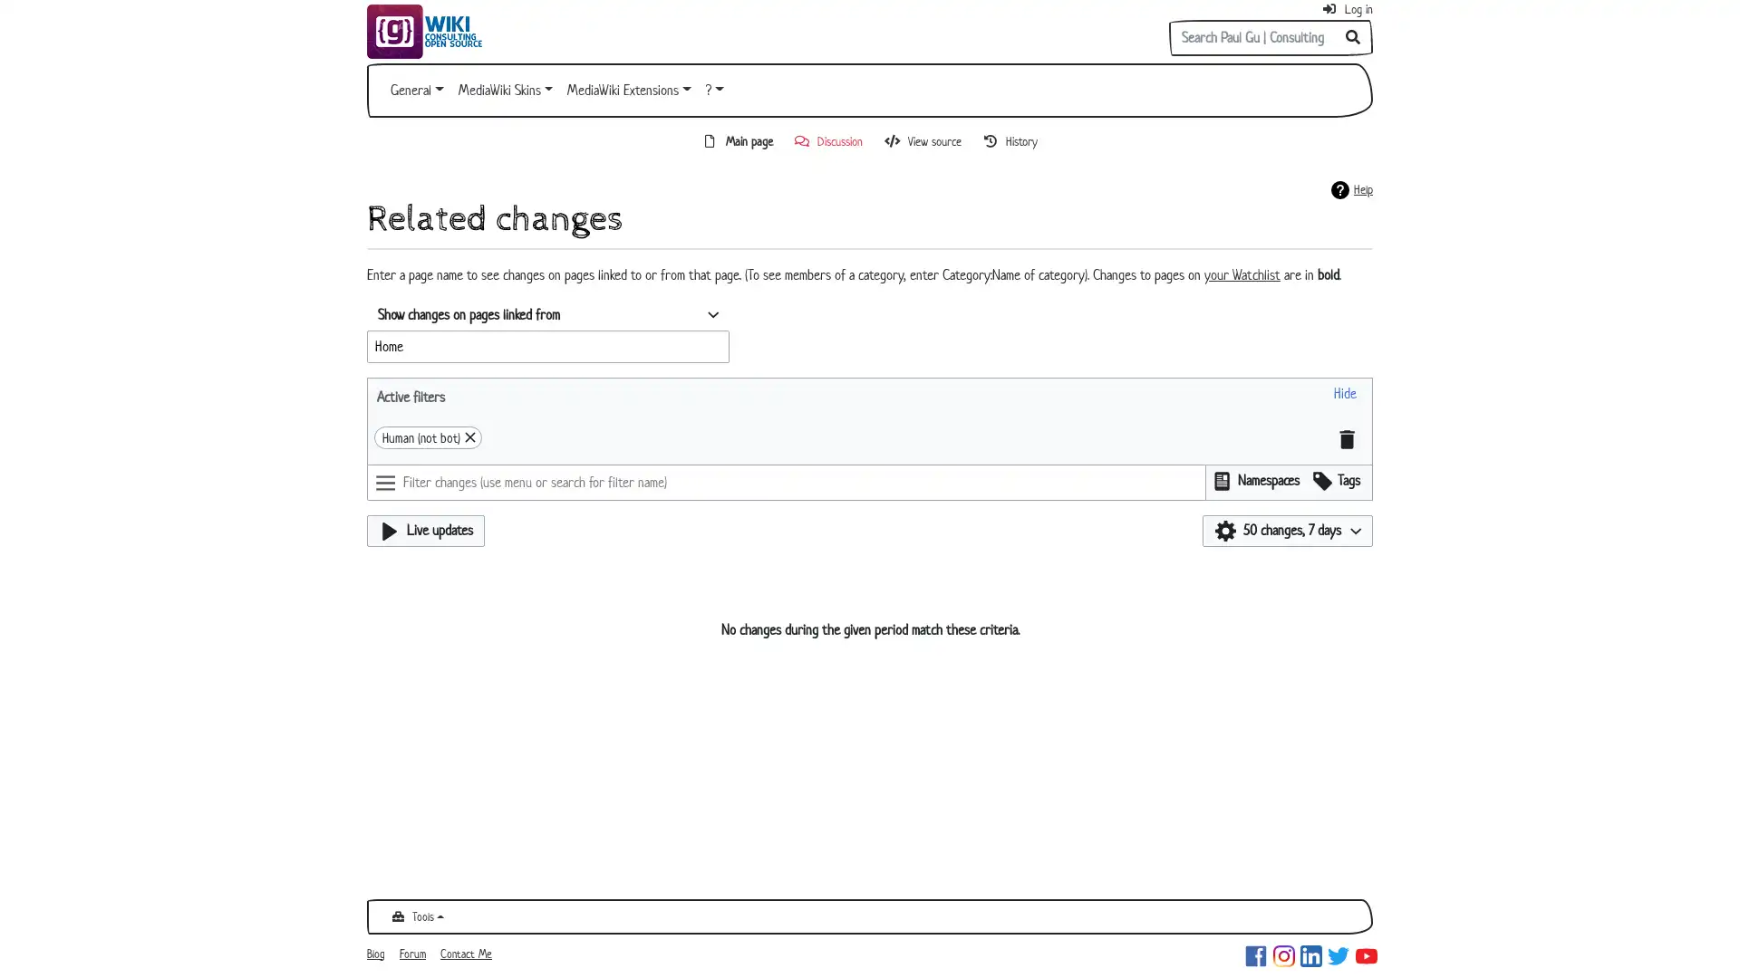 This screenshot has height=978, width=1740. I want to click on Hide, so click(1345, 393).